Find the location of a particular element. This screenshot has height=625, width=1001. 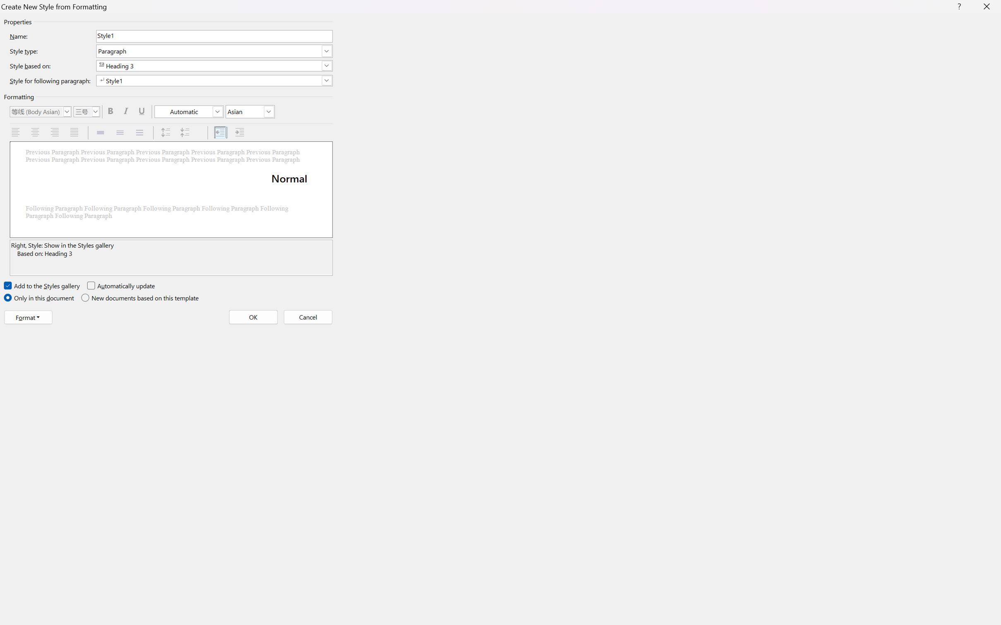

'Italic' is located at coordinates (127, 111).